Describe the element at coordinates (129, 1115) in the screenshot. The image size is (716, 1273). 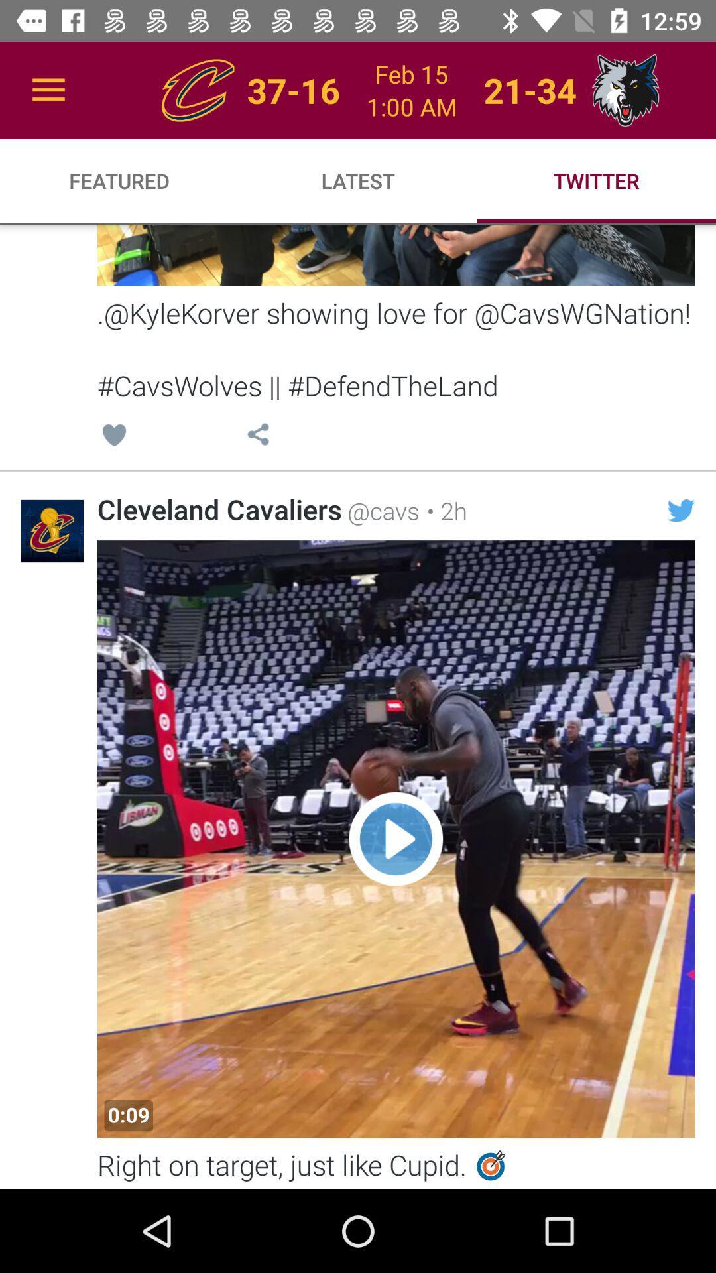
I see `0:09 at the bottom left corner` at that location.